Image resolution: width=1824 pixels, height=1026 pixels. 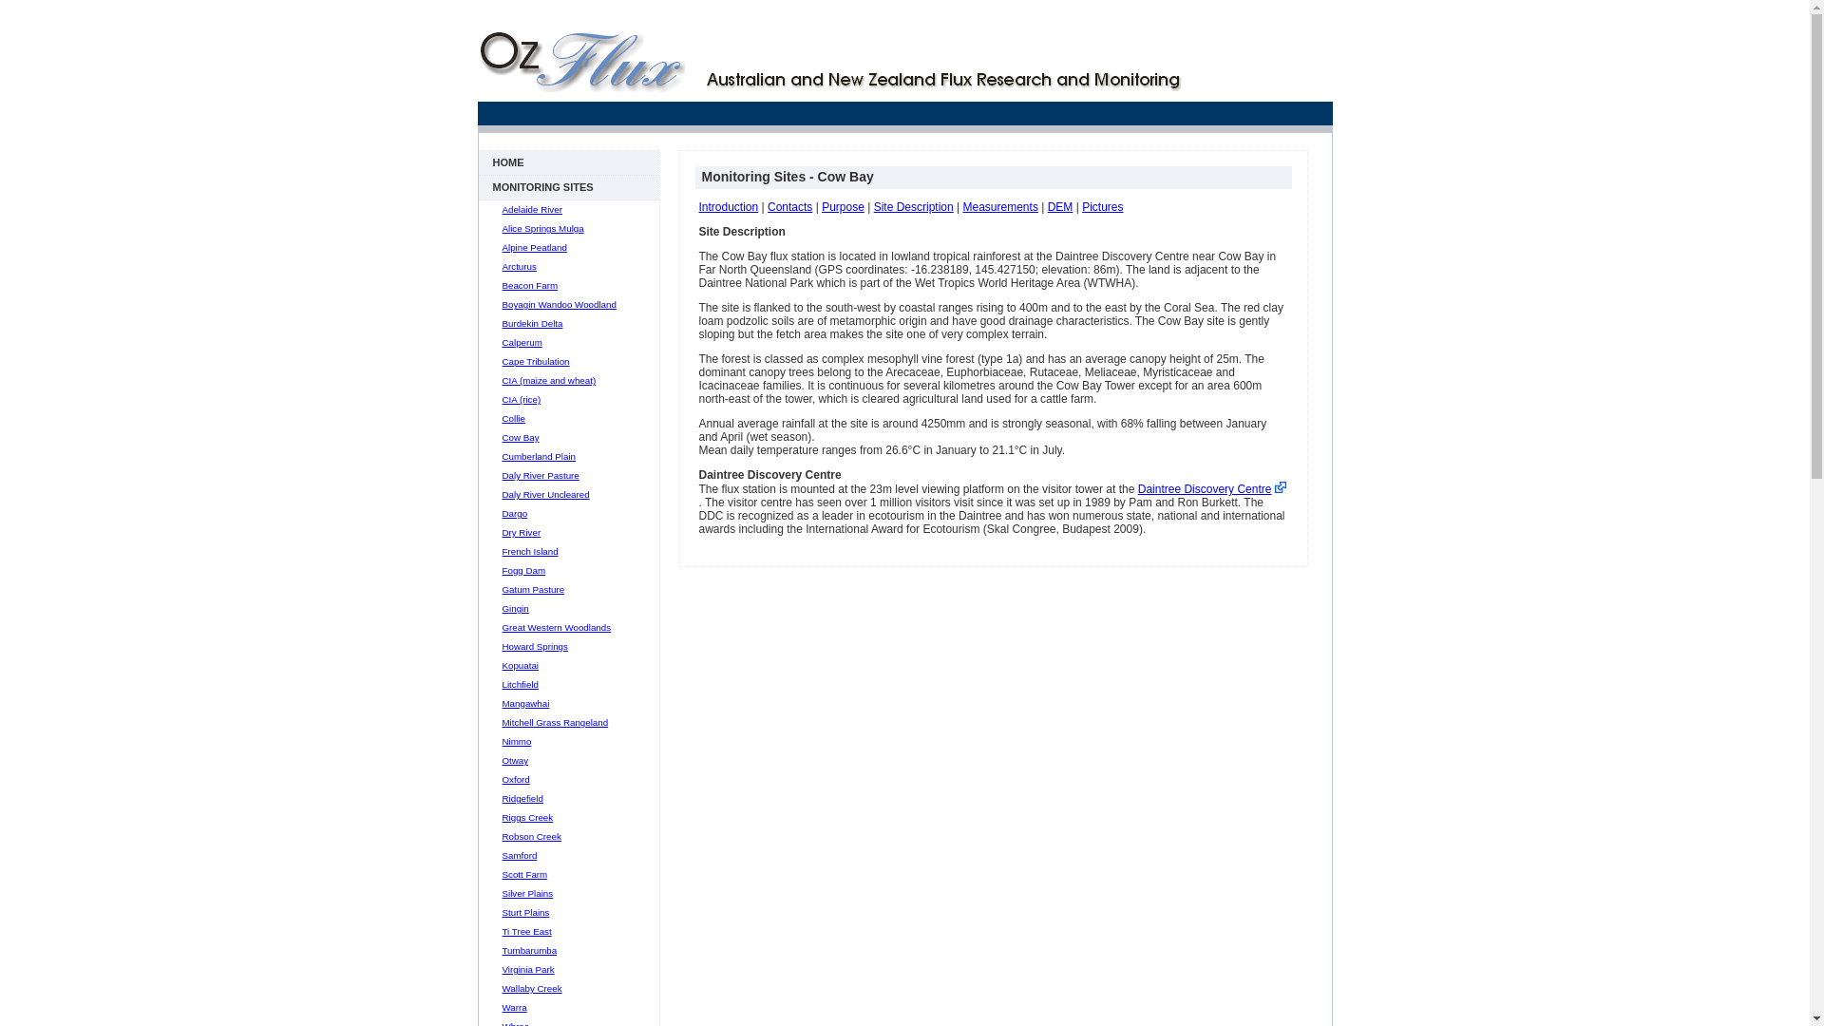 What do you see at coordinates (532, 246) in the screenshot?
I see `'Alpine Peatland'` at bounding box center [532, 246].